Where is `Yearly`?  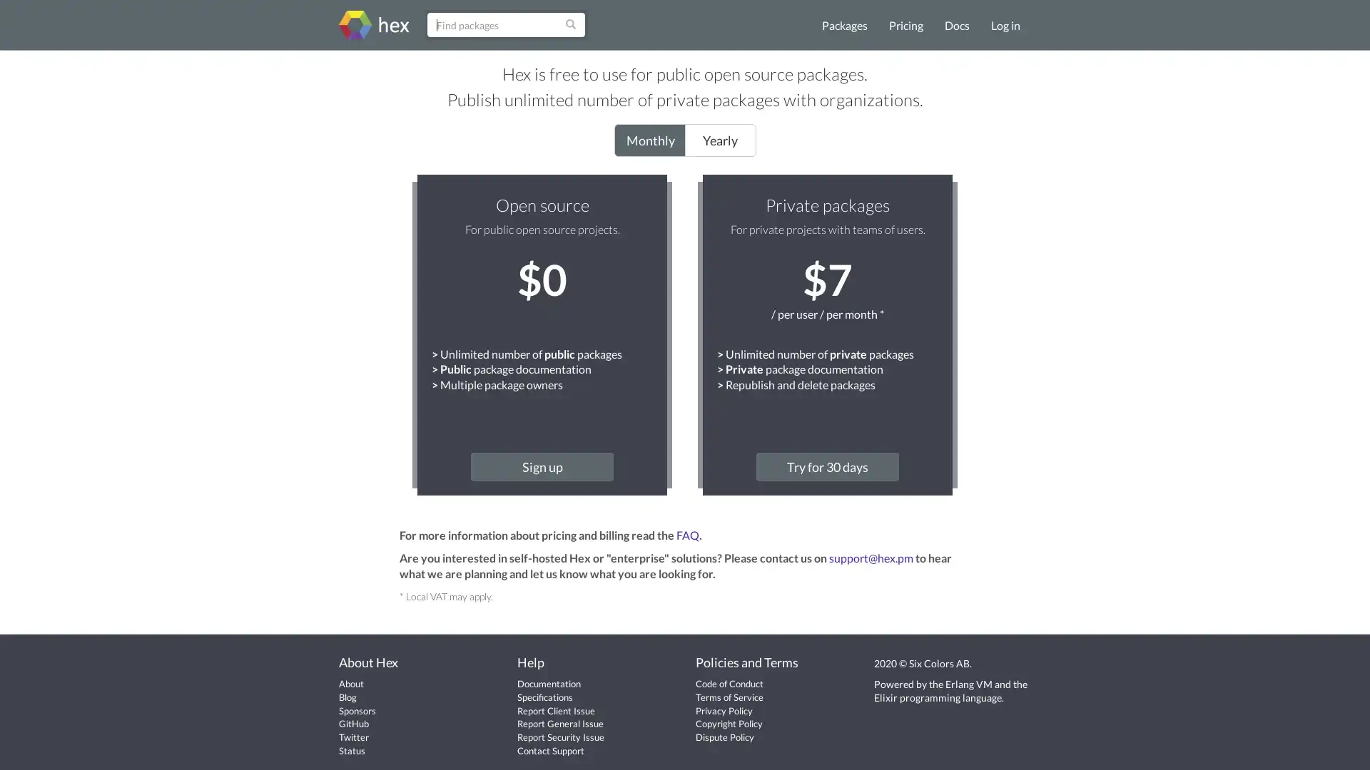 Yearly is located at coordinates (719, 140).